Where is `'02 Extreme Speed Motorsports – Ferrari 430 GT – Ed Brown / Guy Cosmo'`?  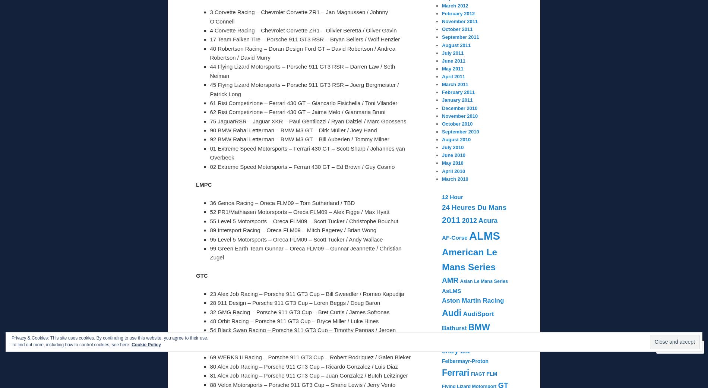
'02 Extreme Speed Motorsports – Ferrari 430 GT – Ed Brown / Guy Cosmo' is located at coordinates (209, 166).